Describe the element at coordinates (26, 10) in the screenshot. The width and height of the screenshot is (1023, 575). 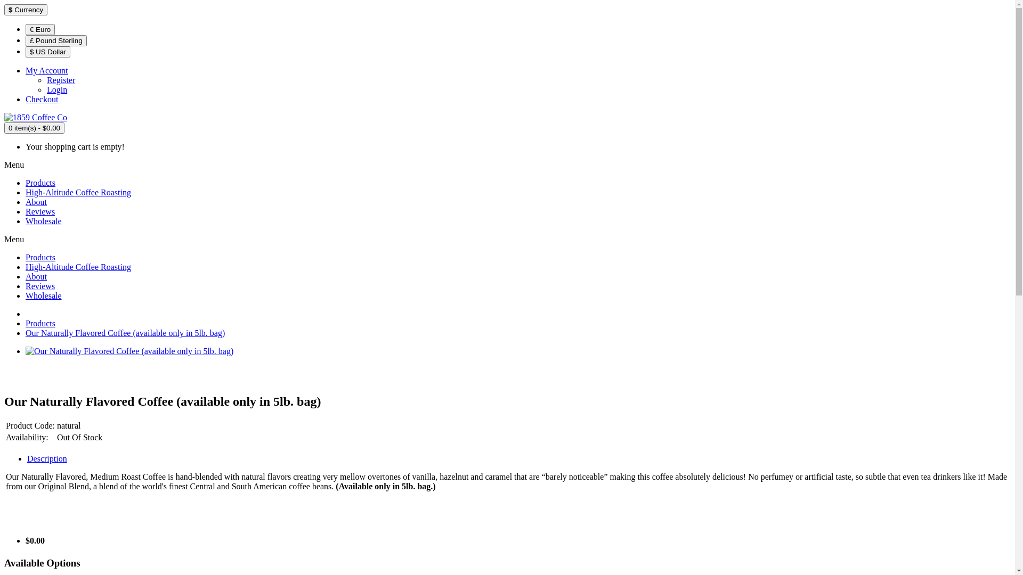
I see `'$ Currency'` at that location.